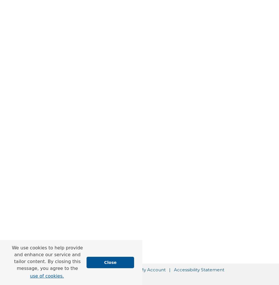 The width and height of the screenshot is (279, 285). I want to click on 'Privacy', so click(84, 278).